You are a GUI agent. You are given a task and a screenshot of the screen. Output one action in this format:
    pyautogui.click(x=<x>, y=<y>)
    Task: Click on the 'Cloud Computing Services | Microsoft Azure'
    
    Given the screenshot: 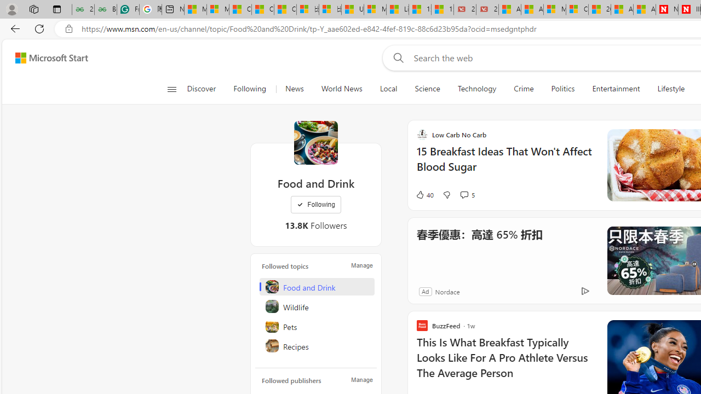 What is the action you would take?
    pyautogui.click(x=577, y=9)
    